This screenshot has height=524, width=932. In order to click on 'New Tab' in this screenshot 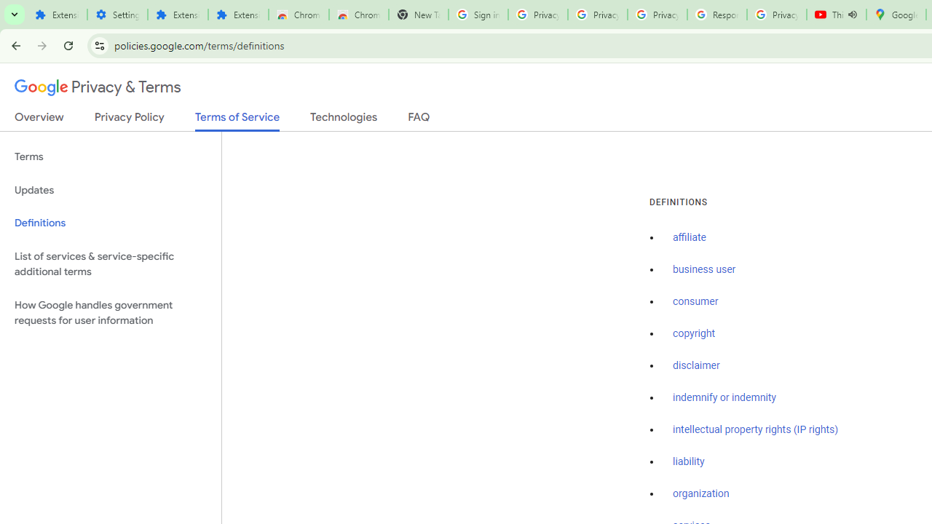, I will do `click(417, 15)`.